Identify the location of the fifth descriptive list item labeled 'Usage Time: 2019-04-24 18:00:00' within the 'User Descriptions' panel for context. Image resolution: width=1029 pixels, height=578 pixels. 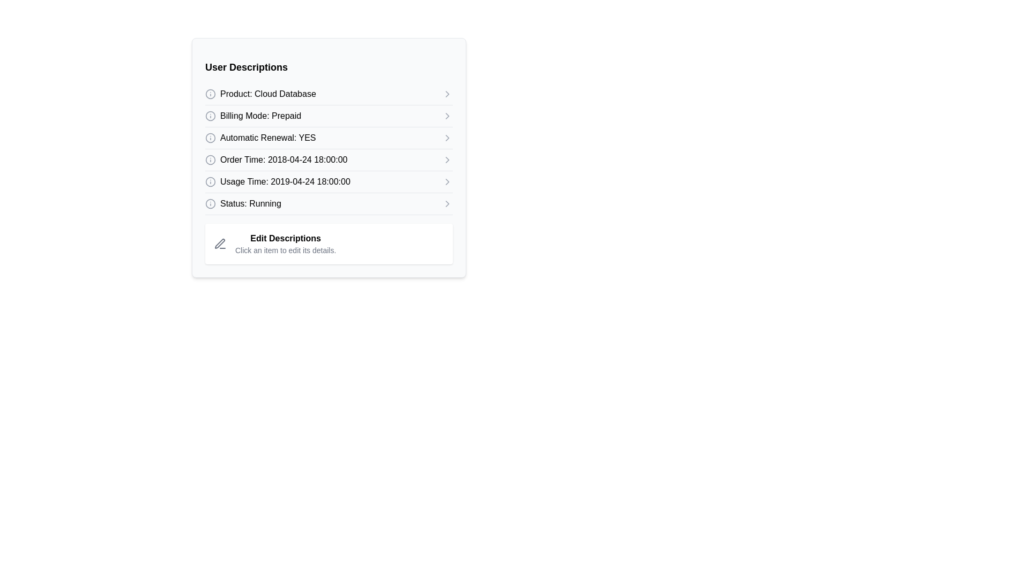
(278, 181).